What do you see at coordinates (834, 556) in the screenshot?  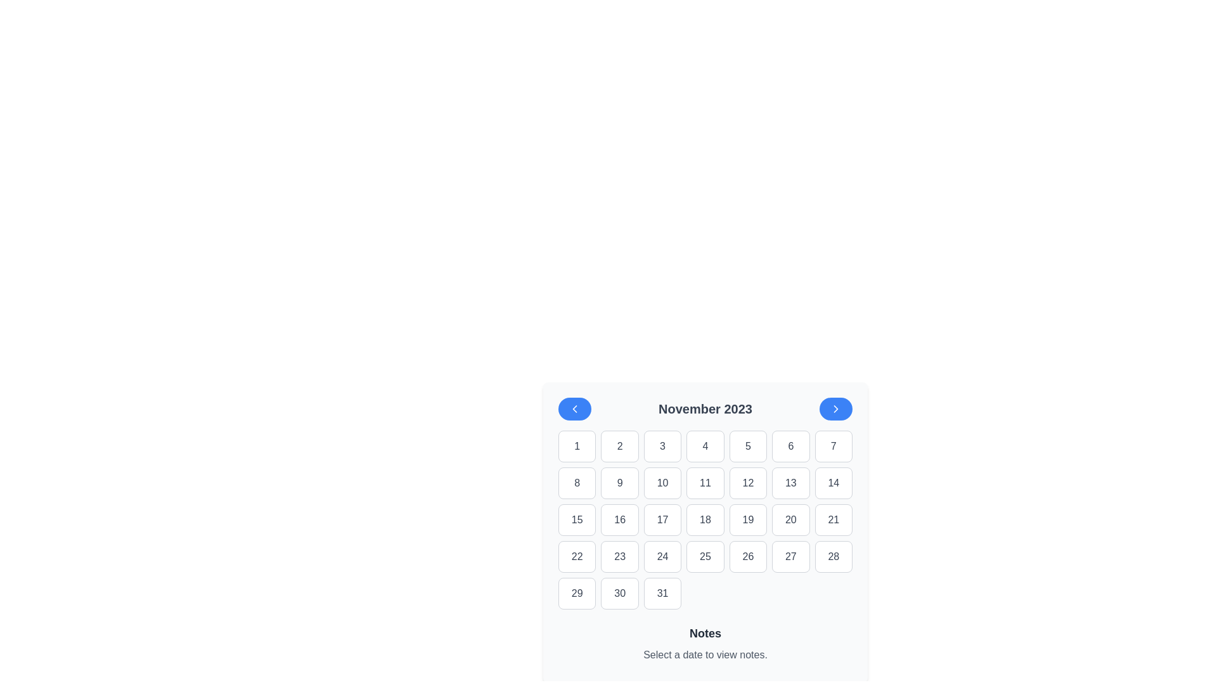 I see `the button representing the 28th day of November 2023 in the calendar` at bounding box center [834, 556].